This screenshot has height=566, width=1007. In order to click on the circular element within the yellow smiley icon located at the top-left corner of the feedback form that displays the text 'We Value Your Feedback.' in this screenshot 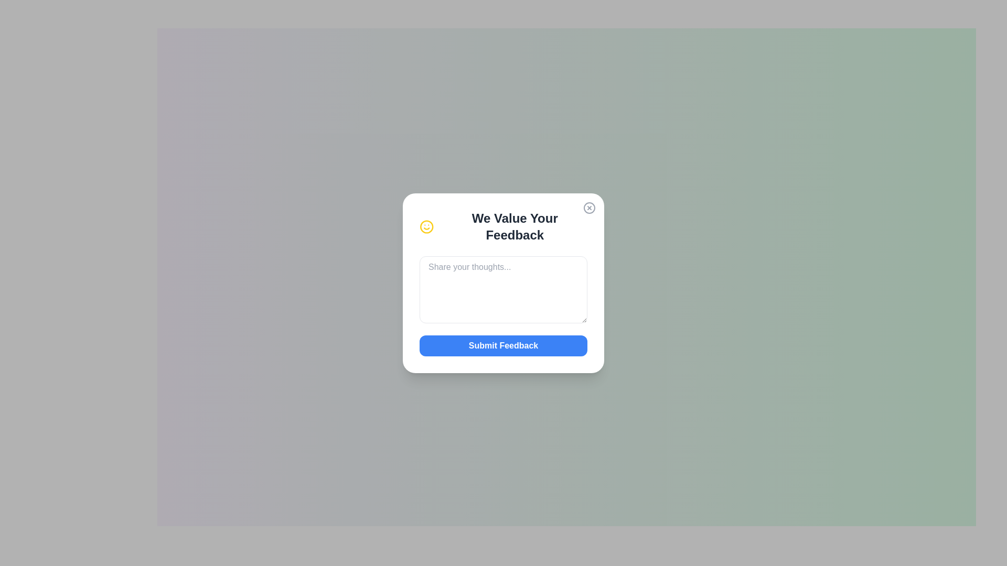, I will do `click(426, 226)`.